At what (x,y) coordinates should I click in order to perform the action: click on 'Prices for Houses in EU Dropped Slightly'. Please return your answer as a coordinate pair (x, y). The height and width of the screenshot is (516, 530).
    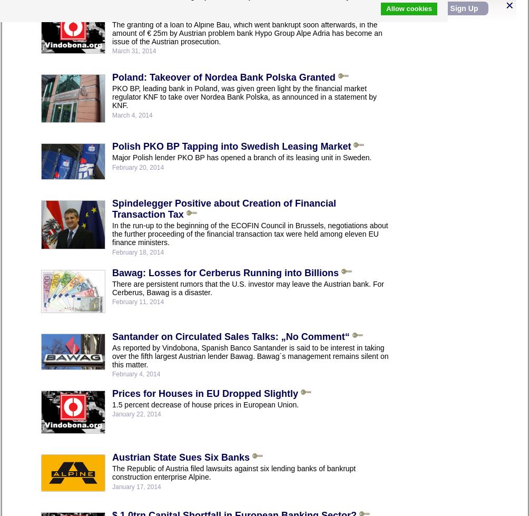
    Looking at the image, I should click on (204, 392).